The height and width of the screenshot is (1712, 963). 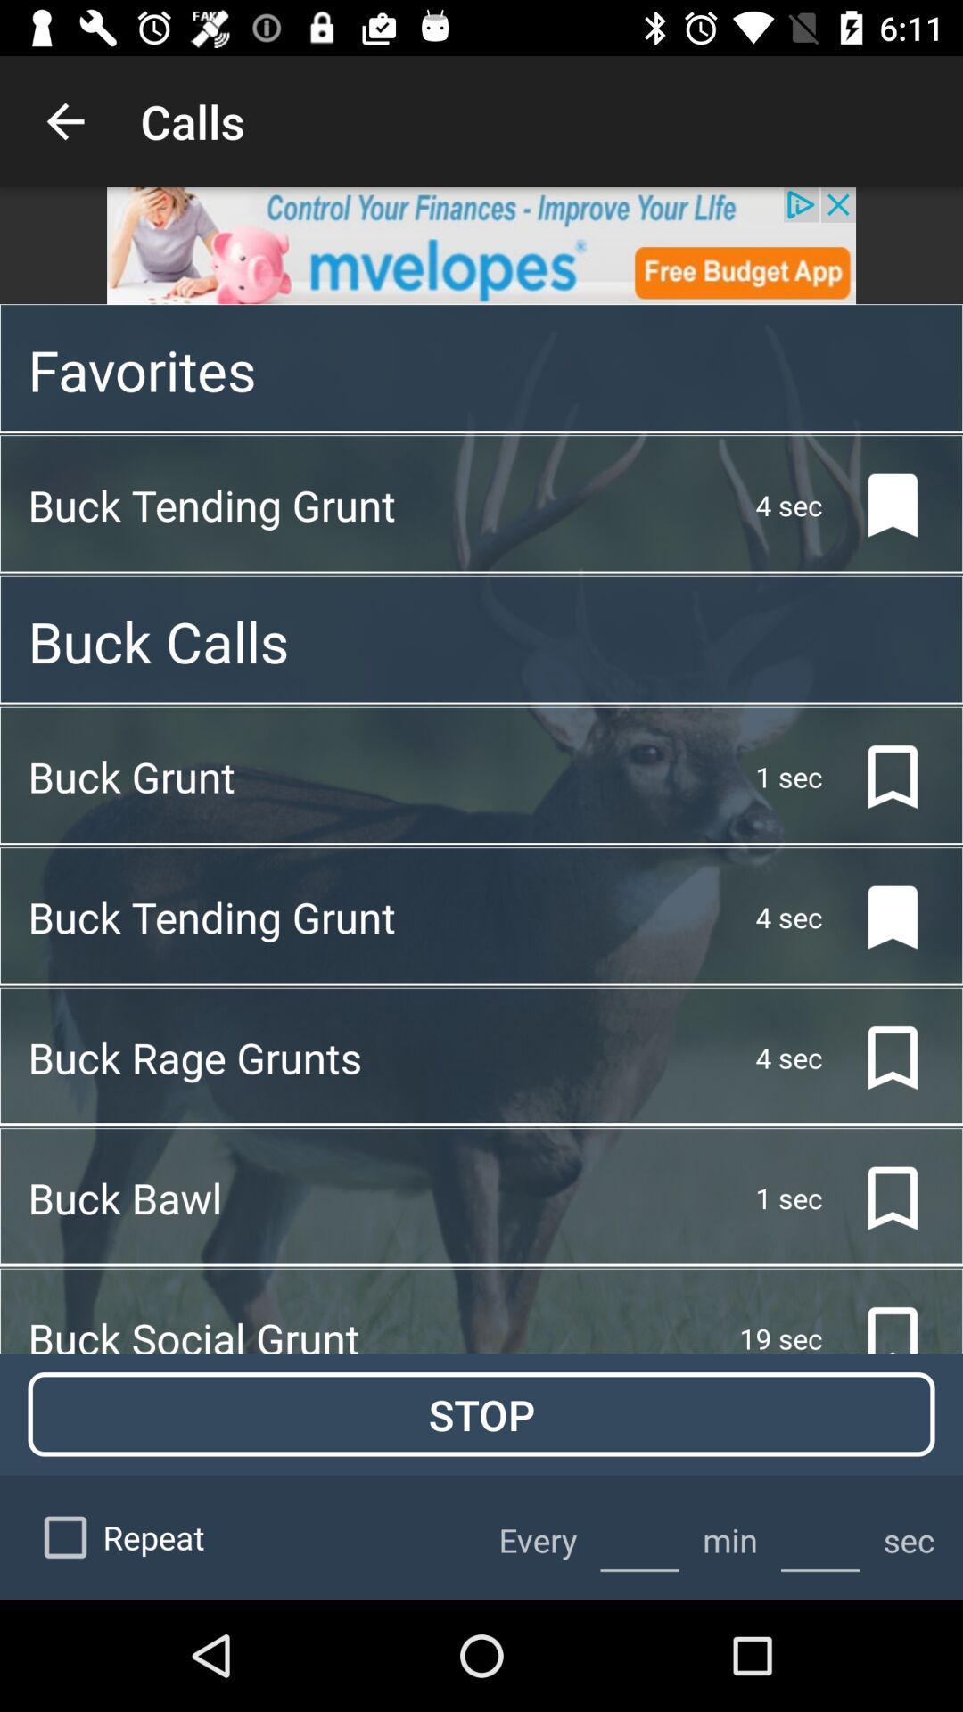 I want to click on time column, so click(x=638, y=1536).